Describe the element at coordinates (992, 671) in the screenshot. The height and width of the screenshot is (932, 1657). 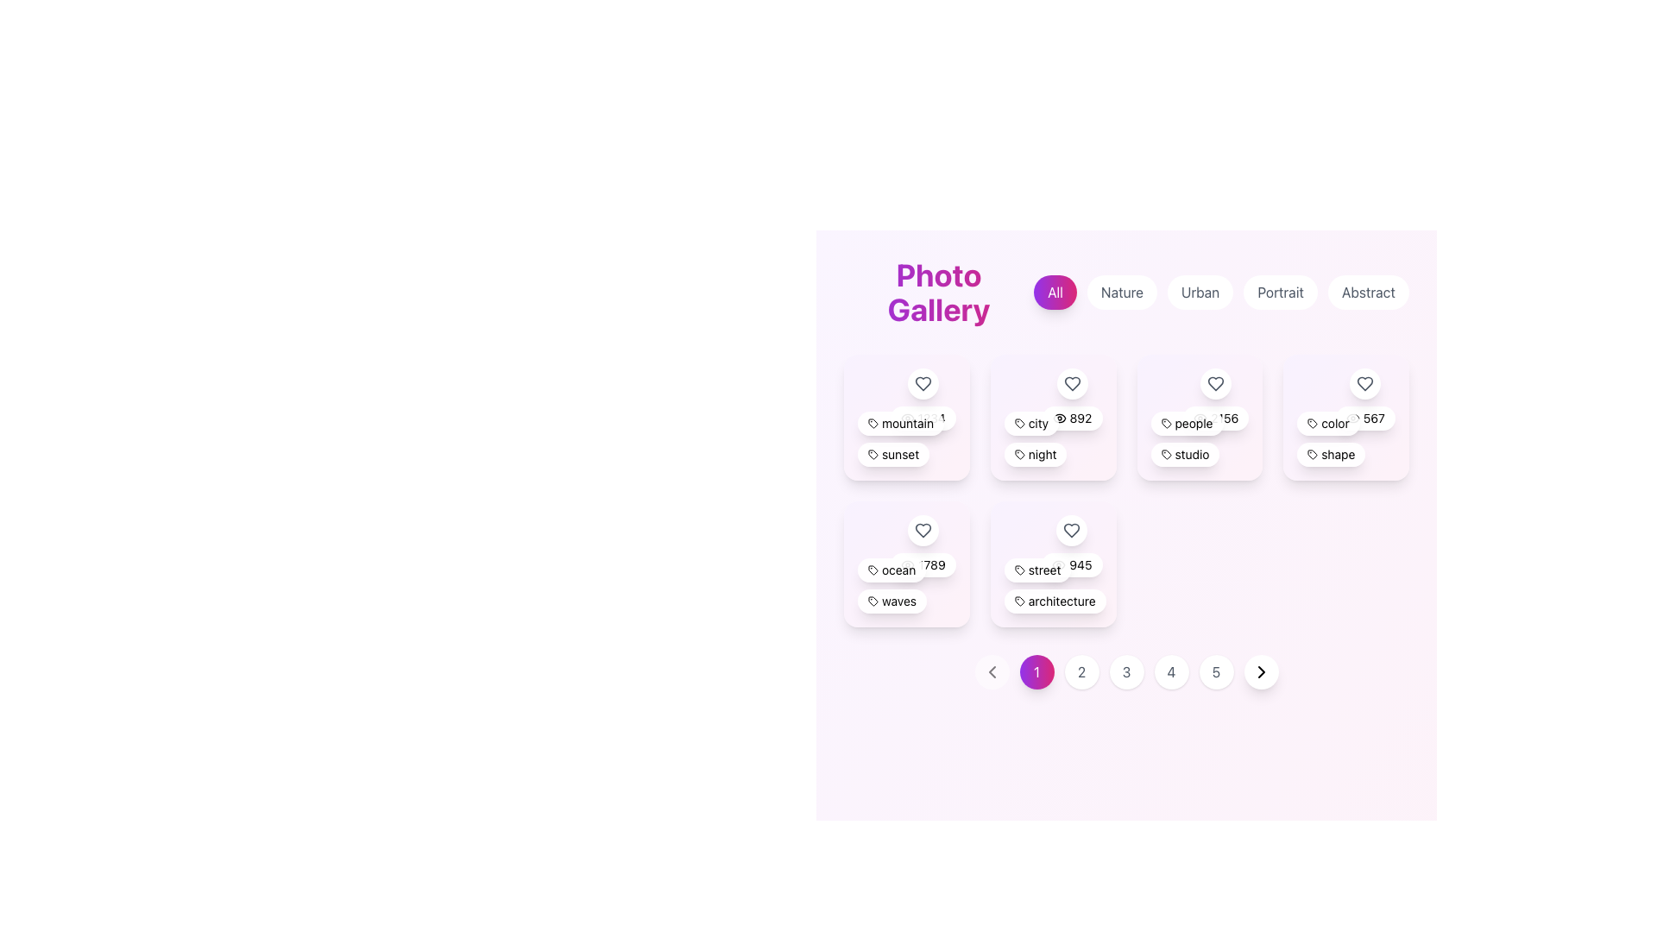
I see `the leftward-pointing chevron button` at that location.